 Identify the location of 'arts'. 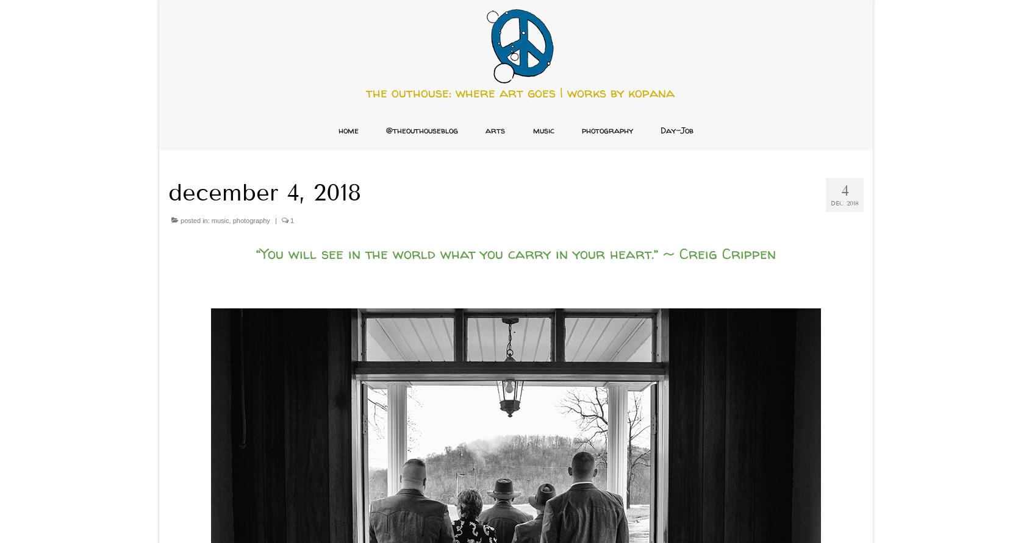
(495, 130).